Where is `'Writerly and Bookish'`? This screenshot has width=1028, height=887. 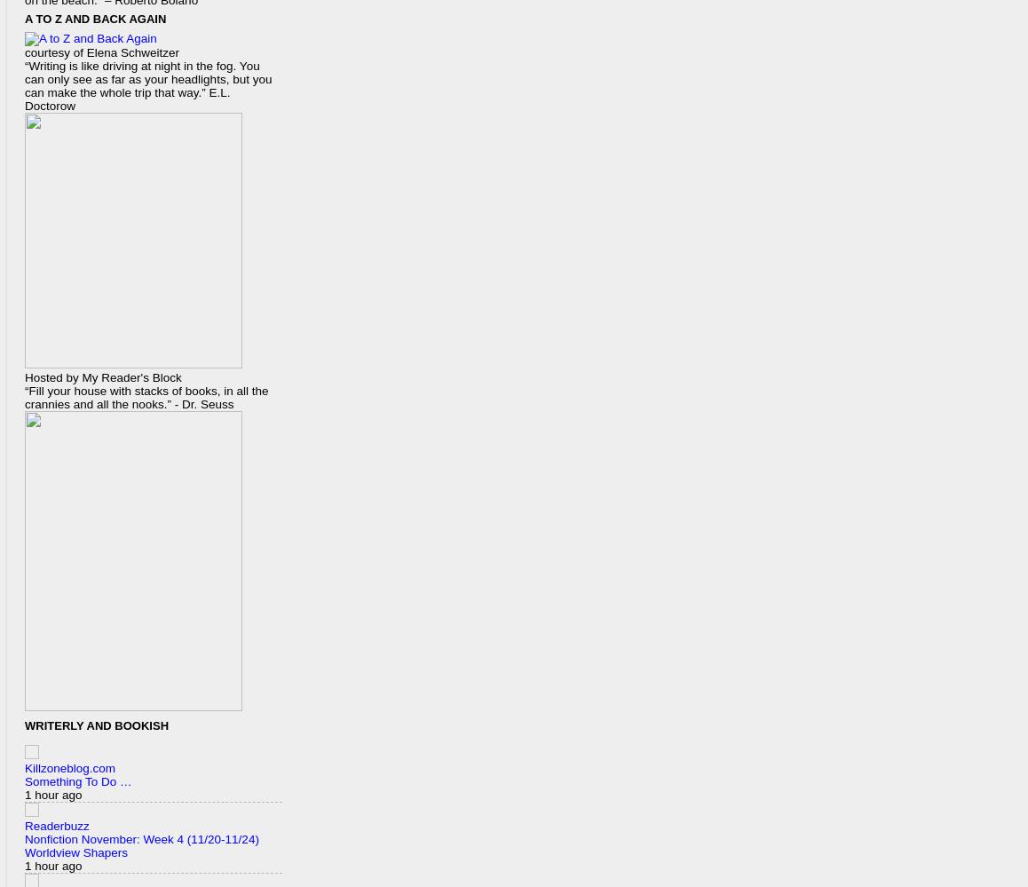 'Writerly and Bookish' is located at coordinates (96, 725).